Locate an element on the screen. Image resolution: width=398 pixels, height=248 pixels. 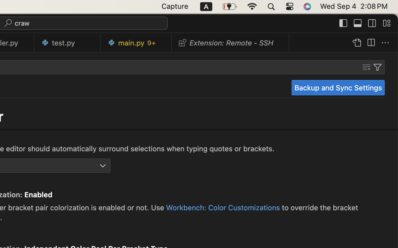
'' is located at coordinates (372, 23).